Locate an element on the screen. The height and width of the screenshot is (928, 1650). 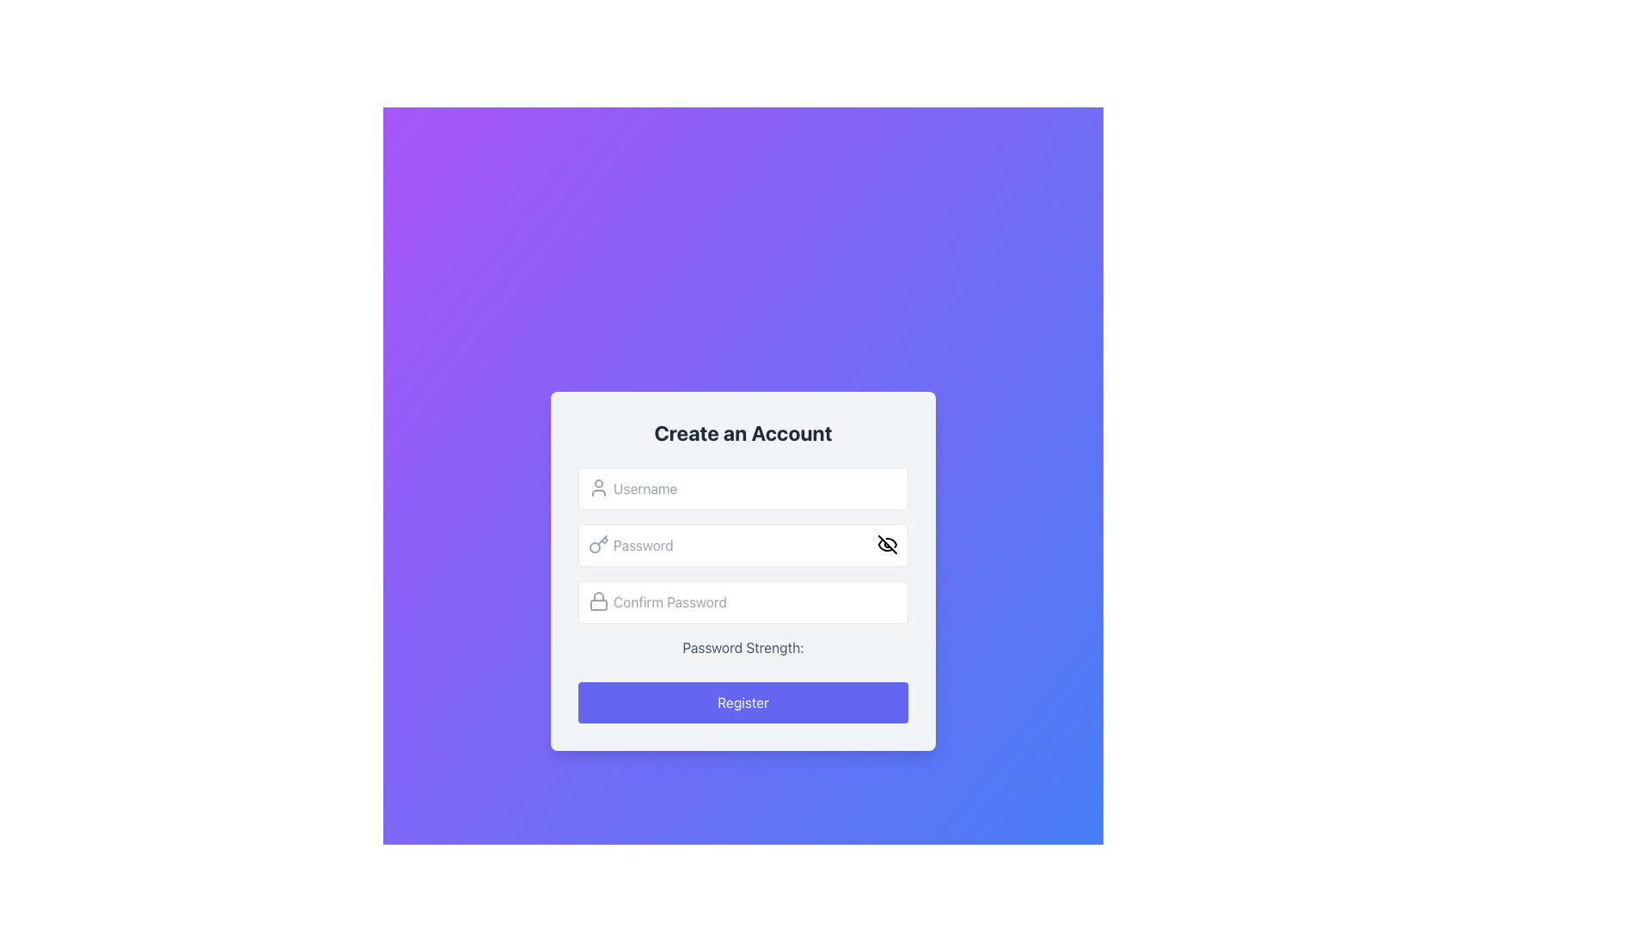
the decorative icon indicating the password input field, located on the left side of the password input area is located at coordinates (598, 544).